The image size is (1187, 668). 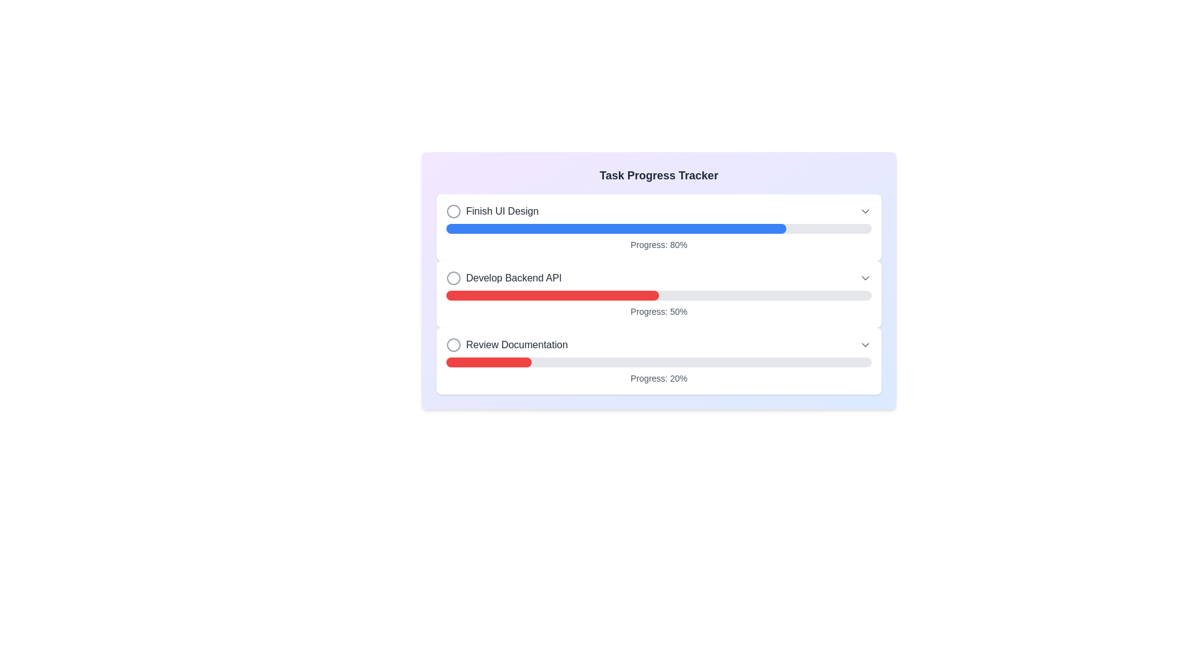 What do you see at coordinates (658, 362) in the screenshot?
I see `the progress bar indicating the completion state of the 'Review Documentation' task, which shows it is 20% complete, located below the task title and near the text 'Progress: 20%.'` at bounding box center [658, 362].